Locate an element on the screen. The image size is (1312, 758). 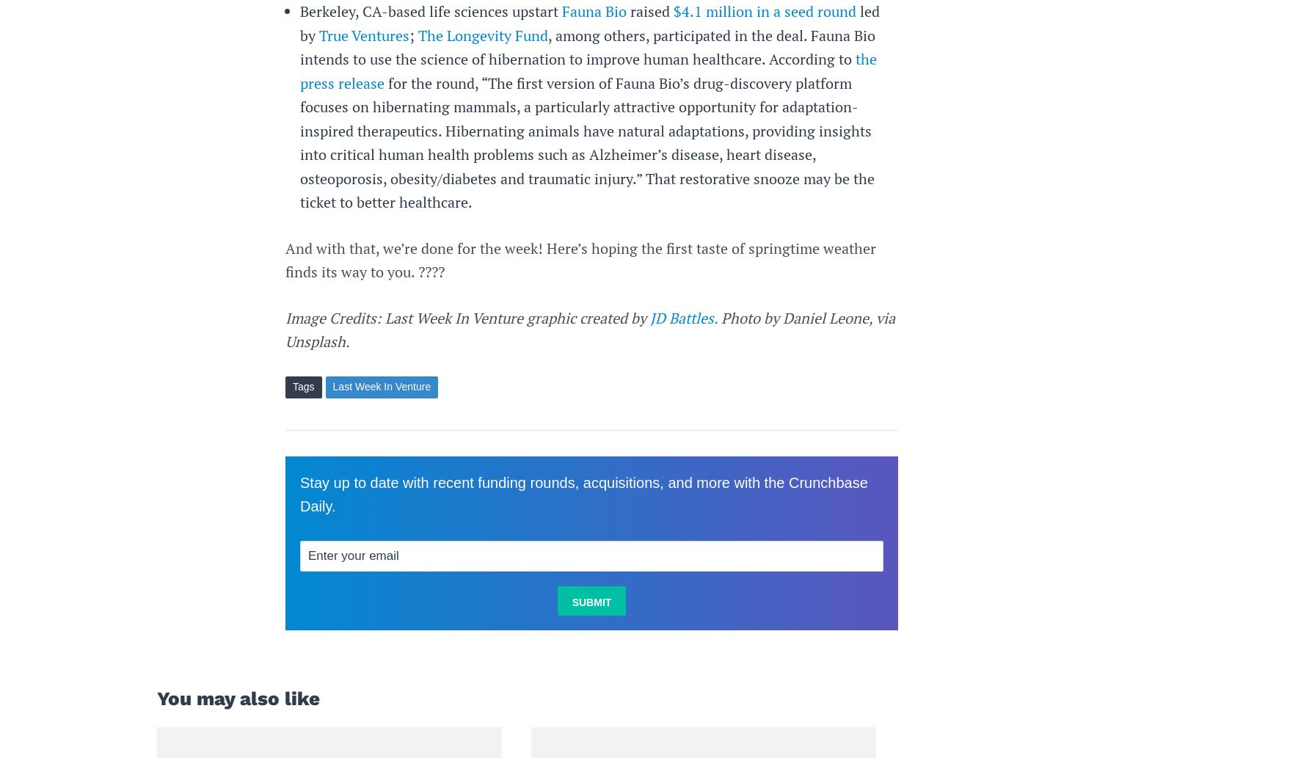
'the press release' is located at coordinates (587, 70).